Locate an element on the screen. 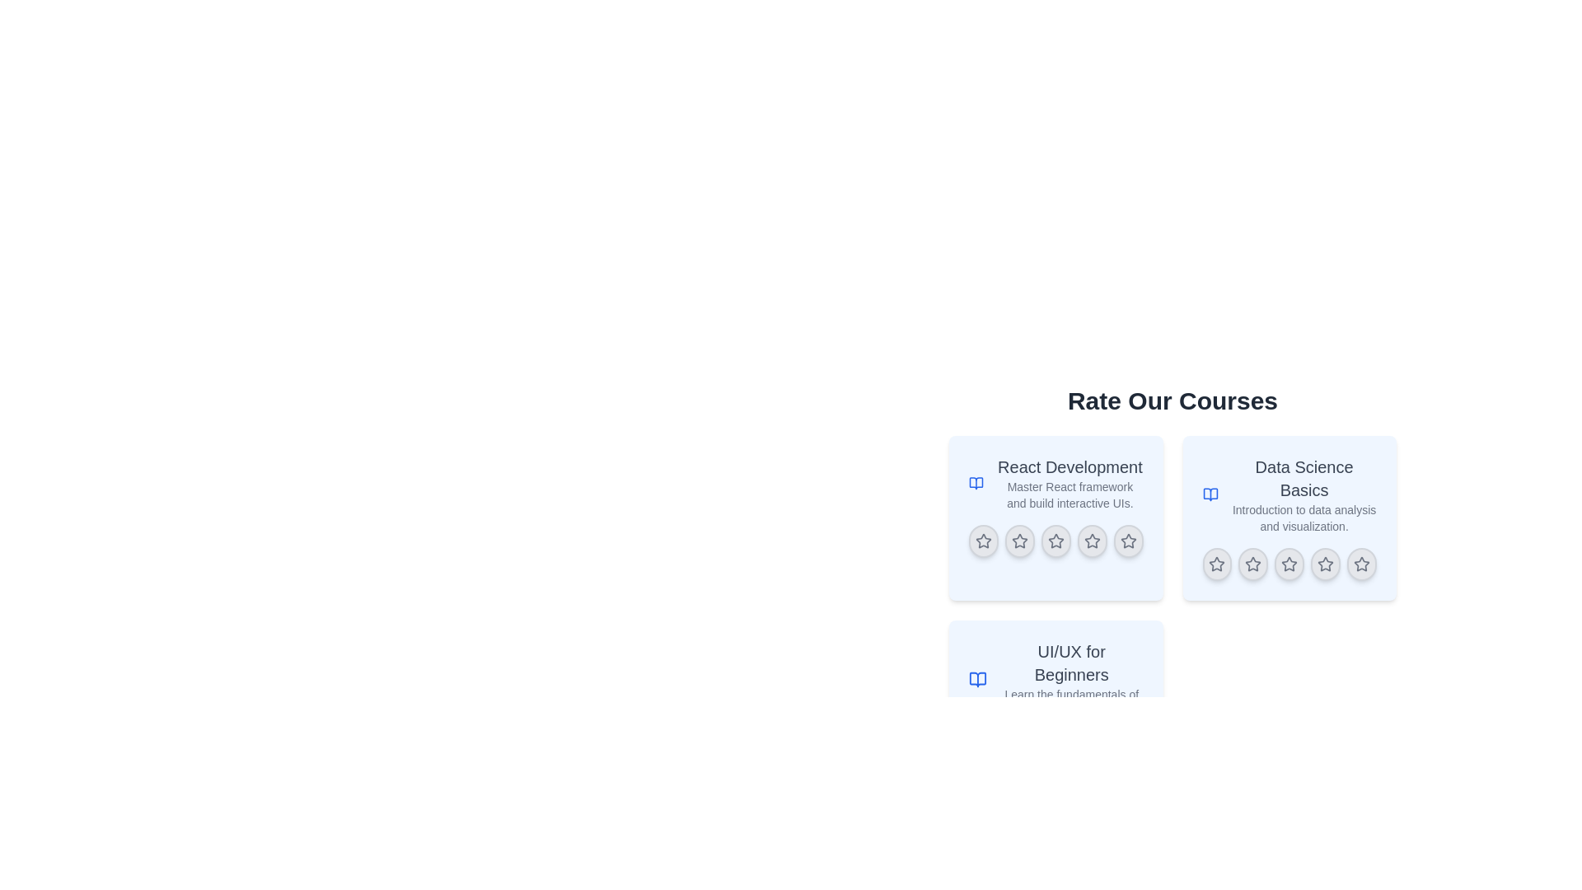  the hollow star icon with a gray outline in the 'Rate Our Courses' section to rate it is located at coordinates (1055, 541).